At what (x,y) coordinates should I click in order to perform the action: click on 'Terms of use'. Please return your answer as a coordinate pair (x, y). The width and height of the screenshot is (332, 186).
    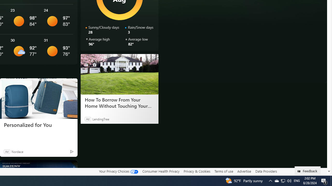
    Looking at the image, I should click on (224, 171).